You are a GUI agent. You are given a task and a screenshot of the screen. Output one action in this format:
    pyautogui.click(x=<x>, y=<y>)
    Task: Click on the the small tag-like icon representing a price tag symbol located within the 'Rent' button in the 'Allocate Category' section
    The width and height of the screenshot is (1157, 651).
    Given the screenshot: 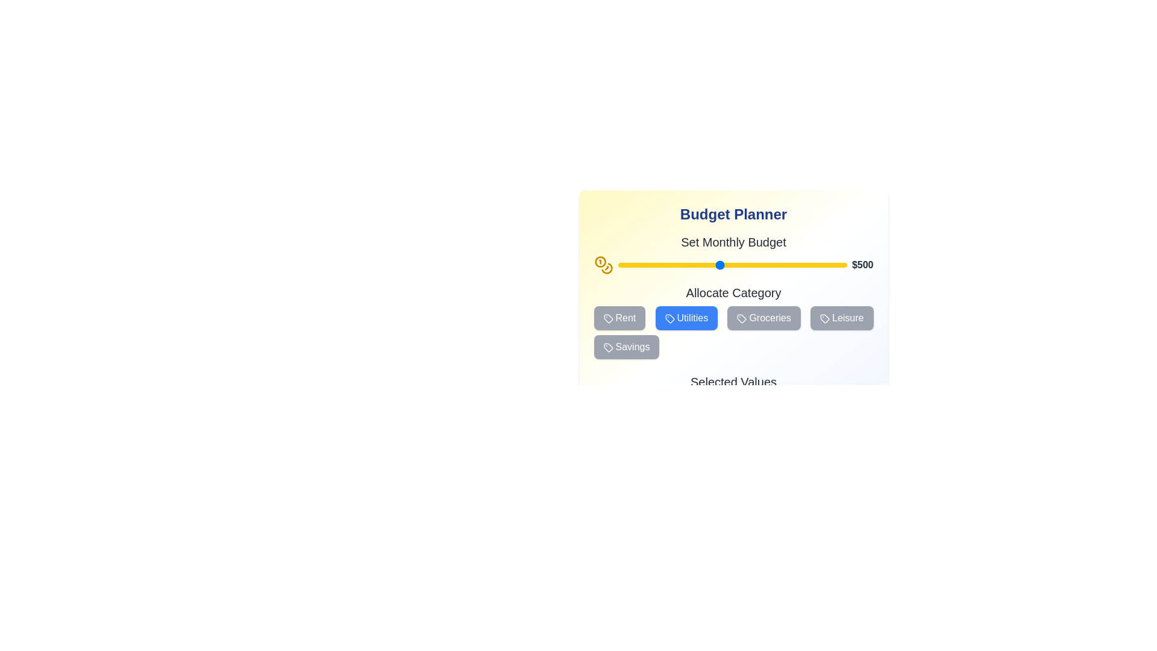 What is the action you would take?
    pyautogui.click(x=608, y=318)
    